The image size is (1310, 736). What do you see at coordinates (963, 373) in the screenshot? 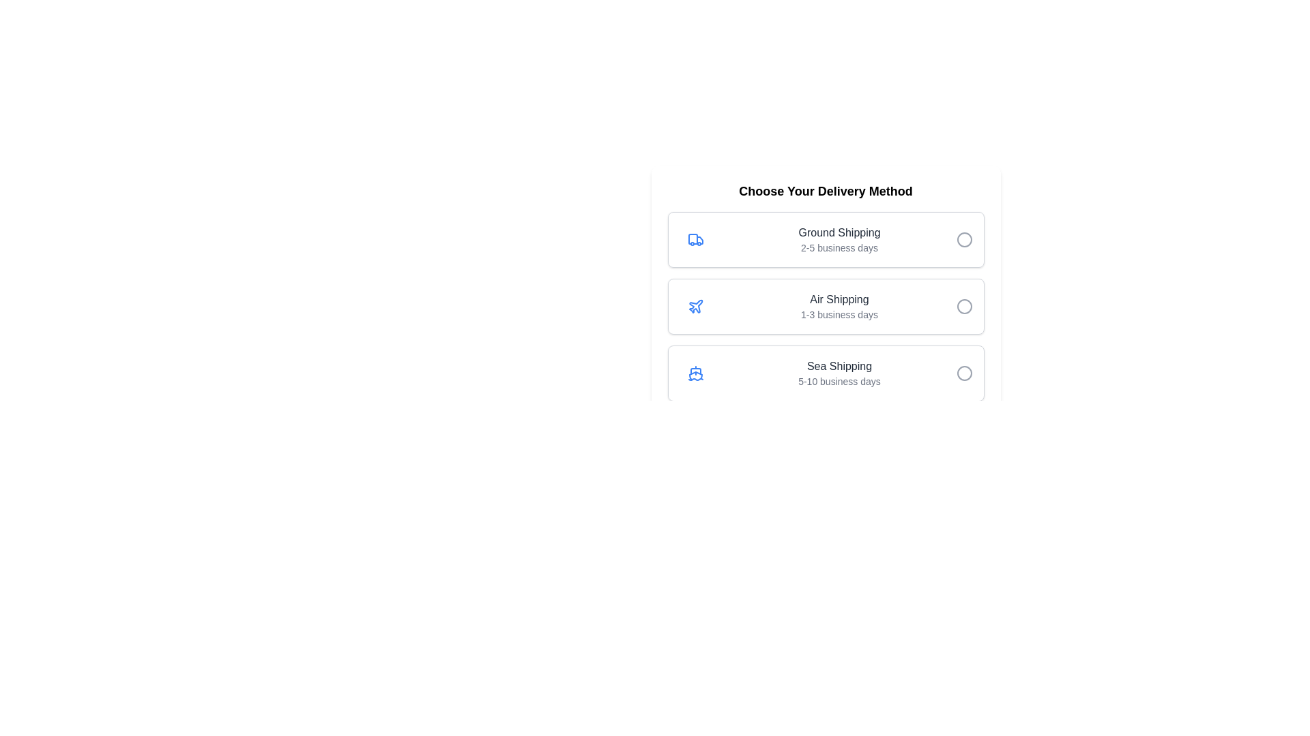
I see `the radio button for 'Sea Shipping', which is the selection indicator located to the right of the 'Sea Shipping' delivery option` at bounding box center [963, 373].